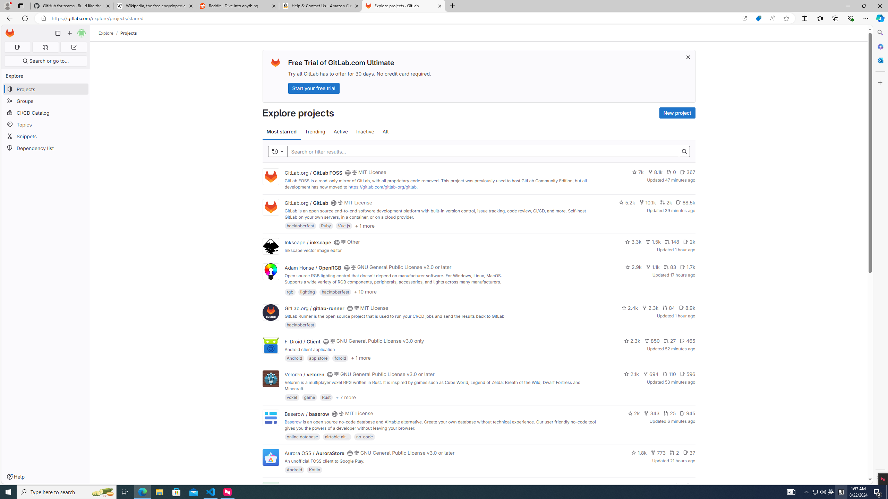 The height and width of the screenshot is (499, 888). Describe the element at coordinates (652, 413) in the screenshot. I see `'343'` at that location.